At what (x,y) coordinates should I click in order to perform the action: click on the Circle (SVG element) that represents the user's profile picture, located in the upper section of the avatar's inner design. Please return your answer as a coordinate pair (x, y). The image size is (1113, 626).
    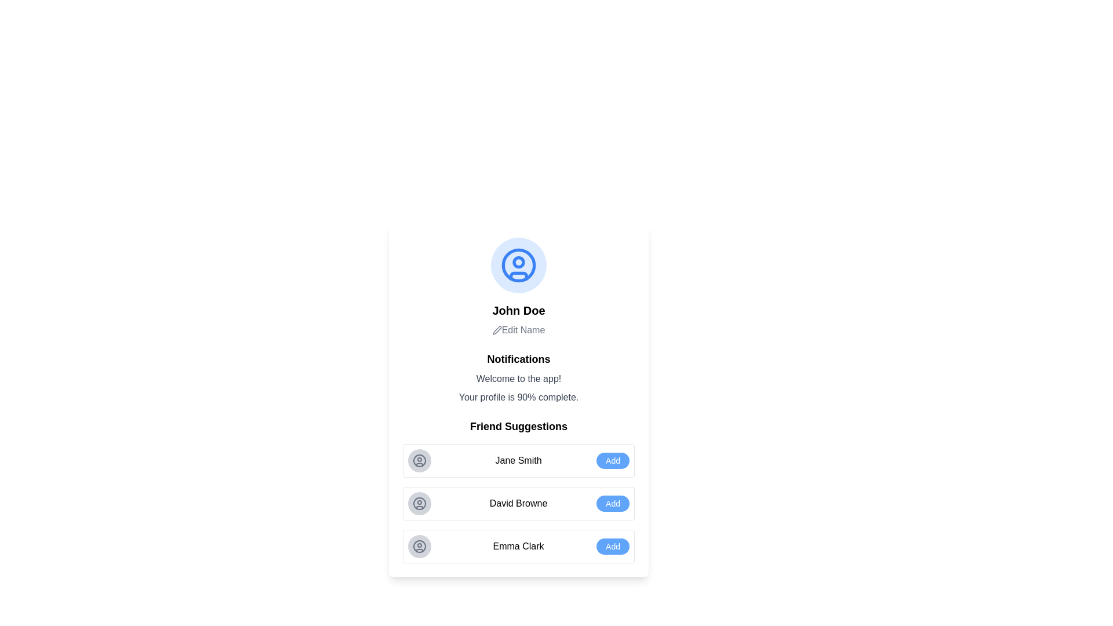
    Looking at the image, I should click on (518, 261).